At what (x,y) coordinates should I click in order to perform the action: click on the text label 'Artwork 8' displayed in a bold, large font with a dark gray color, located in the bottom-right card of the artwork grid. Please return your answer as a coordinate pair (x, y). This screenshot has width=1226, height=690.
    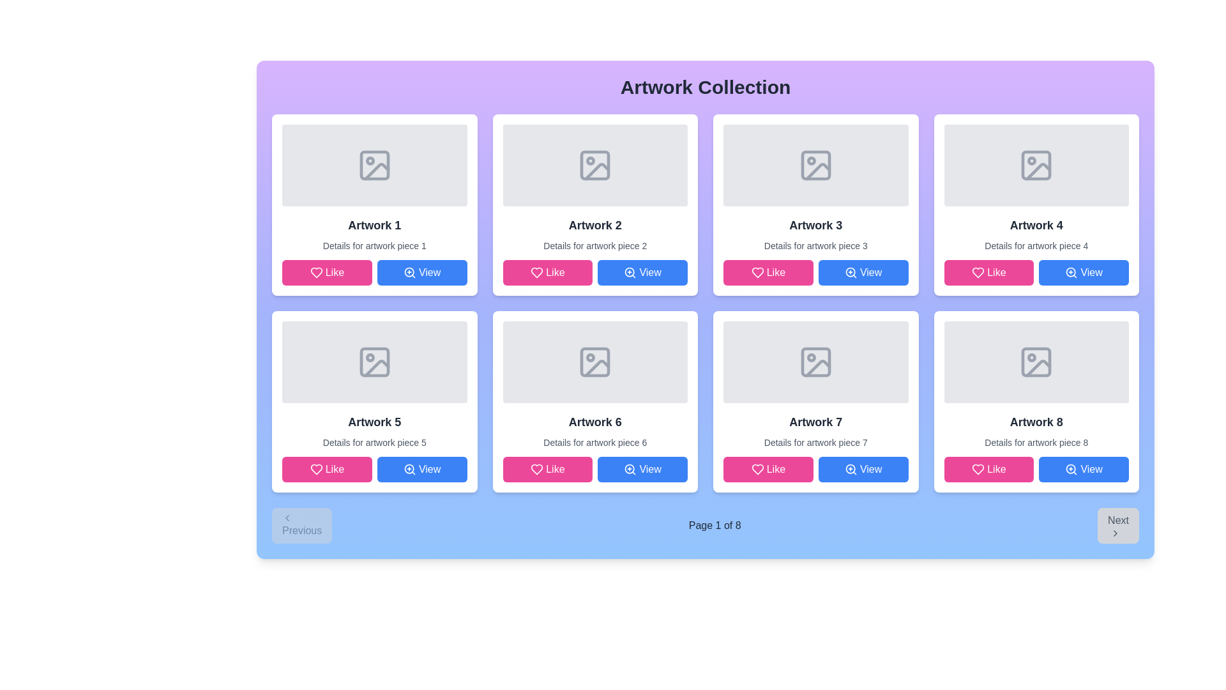
    Looking at the image, I should click on (1036, 422).